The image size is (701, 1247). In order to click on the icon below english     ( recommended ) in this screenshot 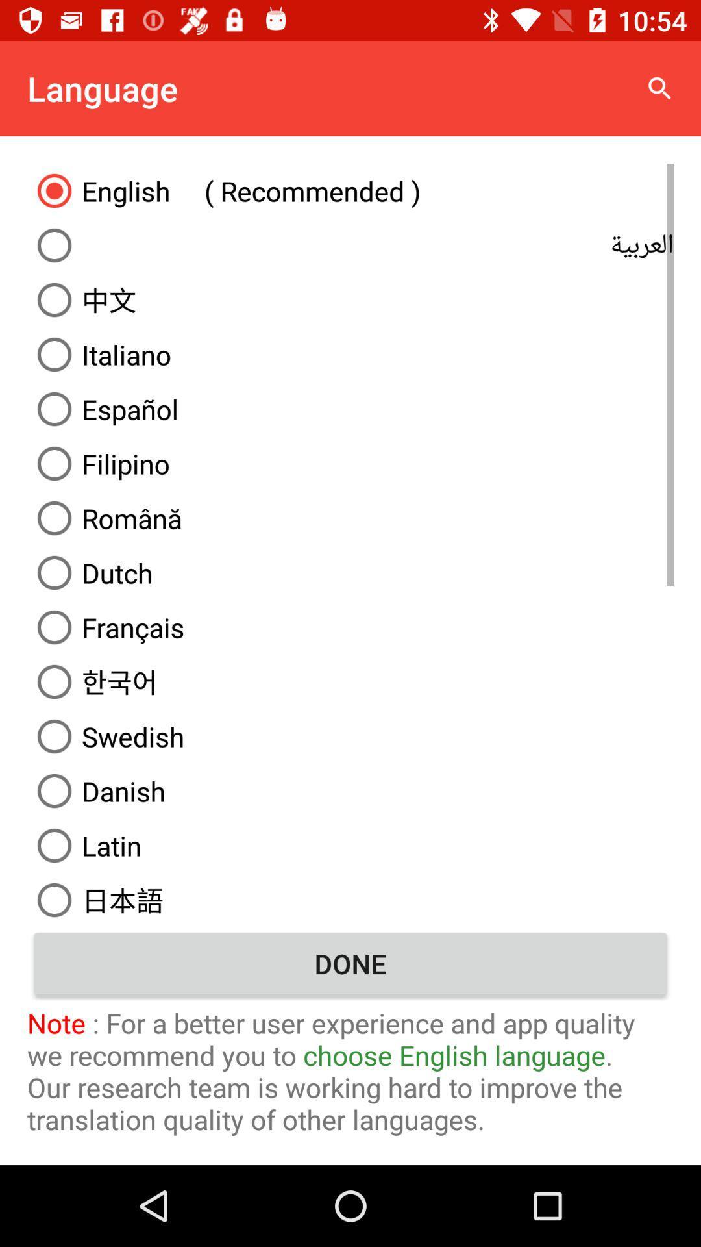, I will do `click(350, 246)`.